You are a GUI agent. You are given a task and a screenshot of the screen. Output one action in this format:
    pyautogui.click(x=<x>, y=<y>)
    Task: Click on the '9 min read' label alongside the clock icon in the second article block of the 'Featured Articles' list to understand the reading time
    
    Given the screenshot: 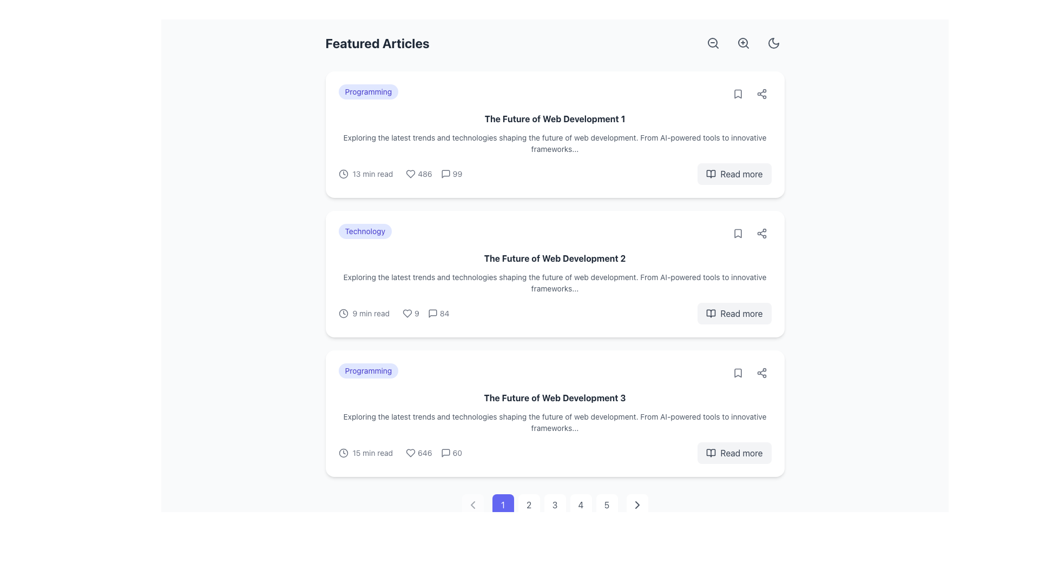 What is the action you would take?
    pyautogui.click(x=364, y=313)
    